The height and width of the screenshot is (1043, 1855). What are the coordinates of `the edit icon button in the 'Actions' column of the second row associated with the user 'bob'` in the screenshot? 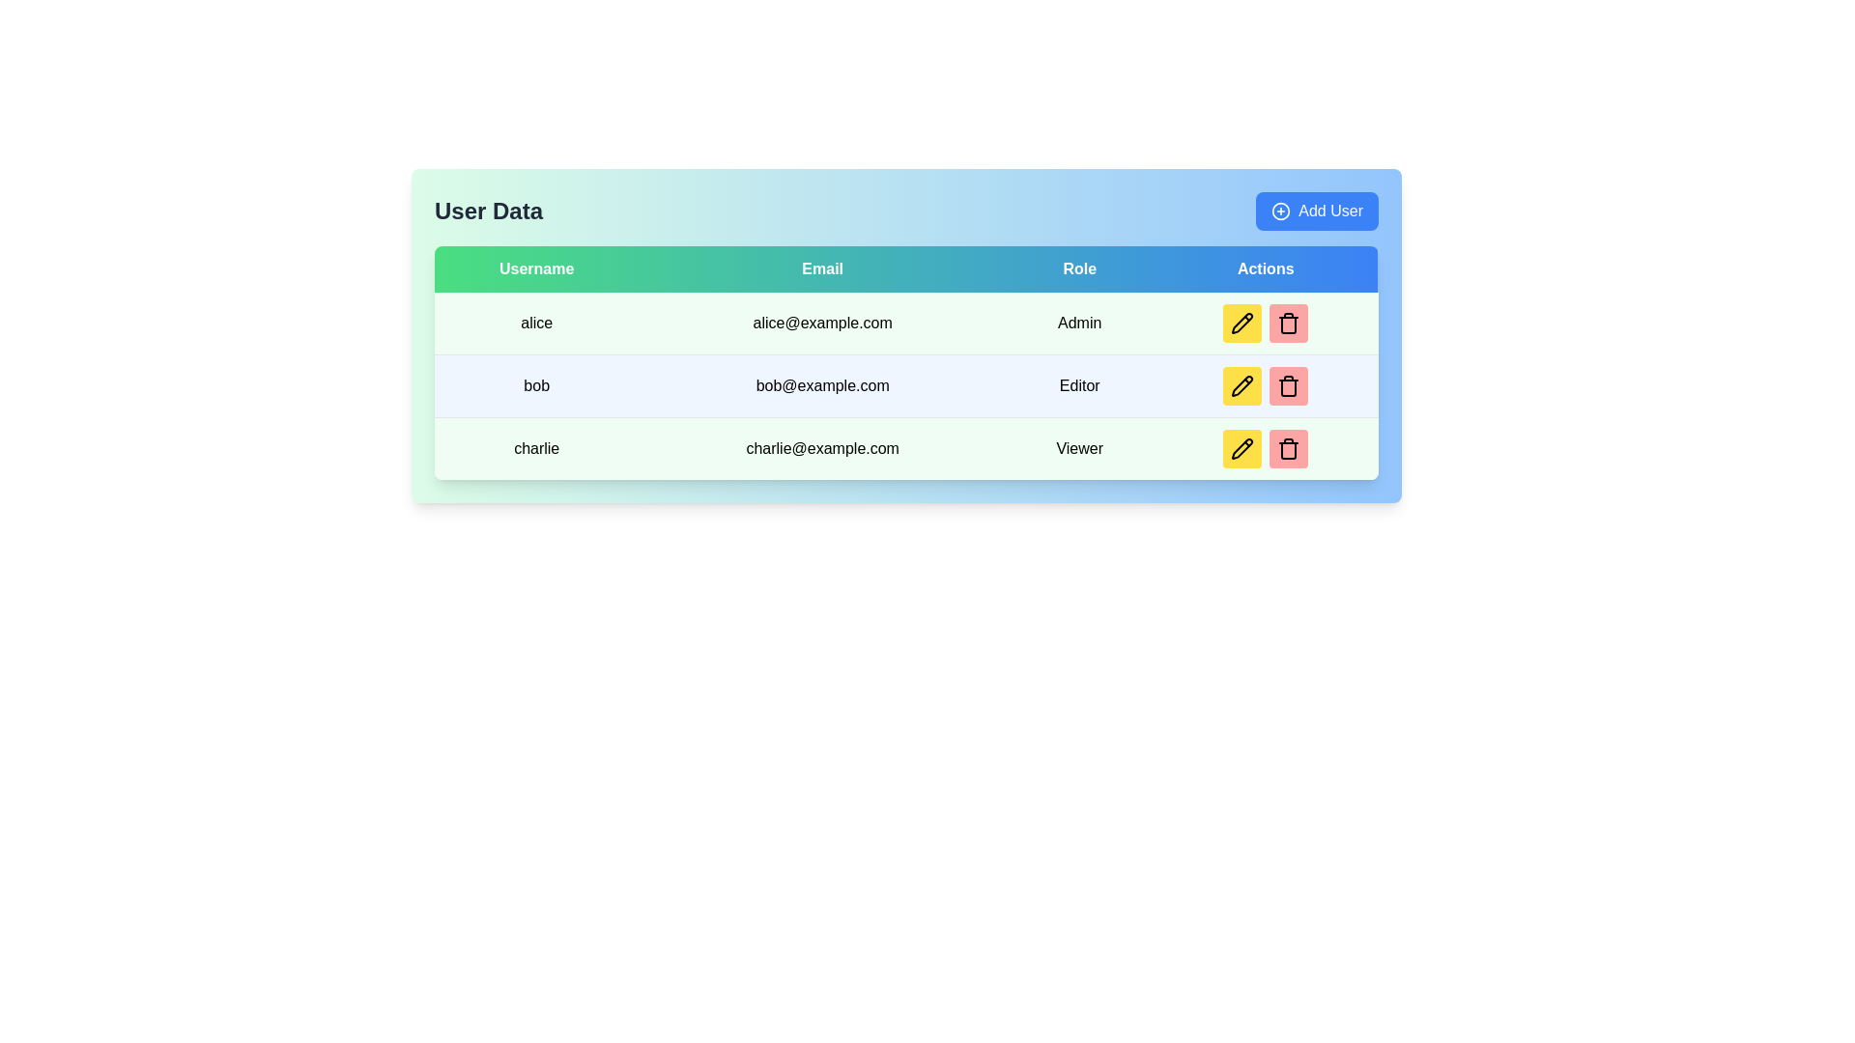 It's located at (1242, 386).